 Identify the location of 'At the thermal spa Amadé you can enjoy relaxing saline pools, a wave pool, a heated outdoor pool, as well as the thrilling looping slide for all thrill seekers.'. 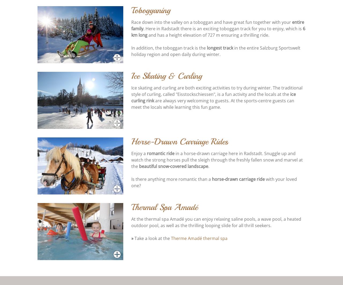
(131, 222).